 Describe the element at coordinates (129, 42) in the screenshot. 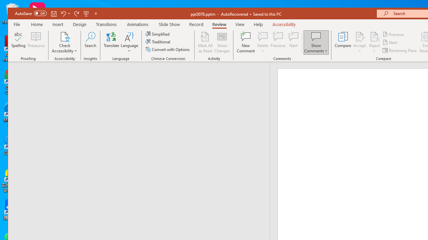

I see `'Language'` at that location.